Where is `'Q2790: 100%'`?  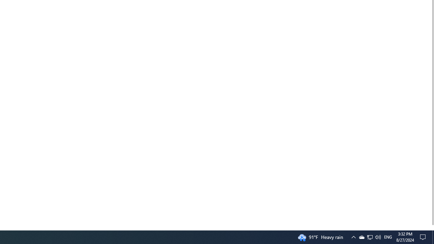 'Q2790: 100%' is located at coordinates (369, 237).